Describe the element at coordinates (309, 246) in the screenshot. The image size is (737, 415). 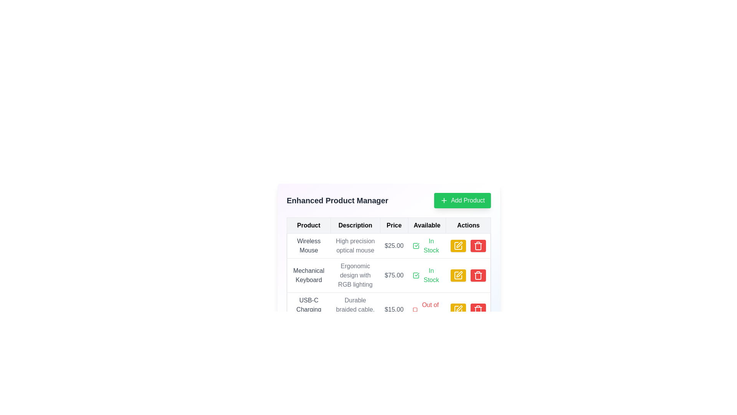
I see `the 'Wireless Mouse' static text element, which is styled with a medium font weight and gray color, located in the 'Product' column of the table` at that location.